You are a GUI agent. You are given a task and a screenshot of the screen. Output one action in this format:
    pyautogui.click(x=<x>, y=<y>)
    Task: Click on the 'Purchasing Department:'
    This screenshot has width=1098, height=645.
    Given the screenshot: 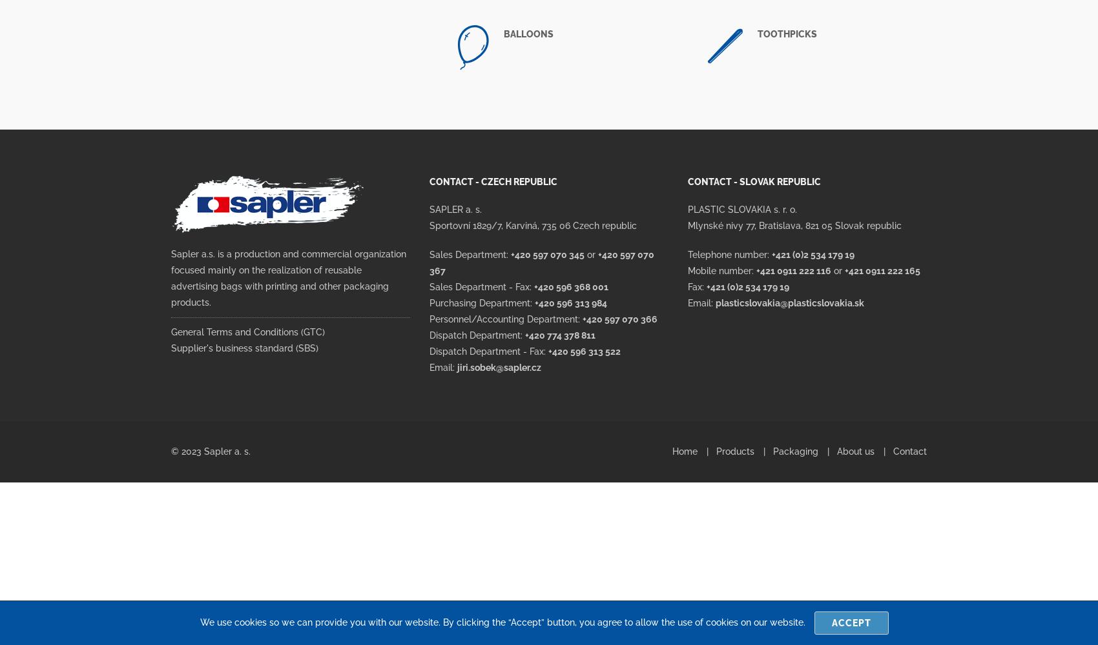 What is the action you would take?
    pyautogui.click(x=481, y=303)
    